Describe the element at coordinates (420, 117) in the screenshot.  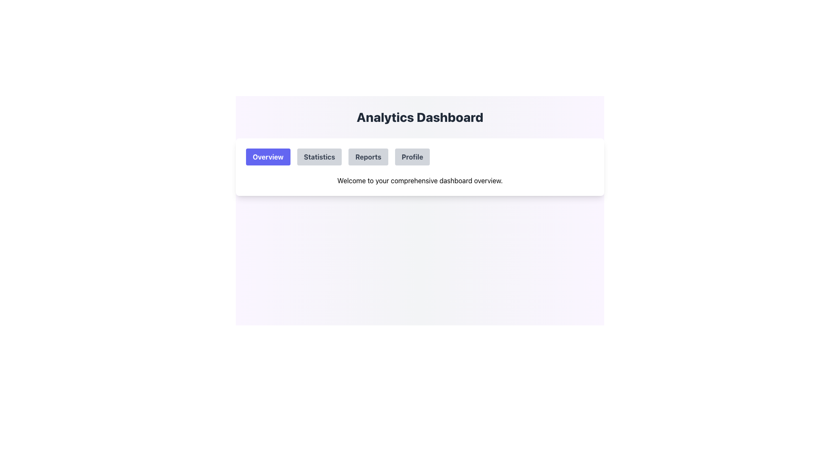
I see `the title text at the center top of the page, which provides an overview of the analytics section` at that location.